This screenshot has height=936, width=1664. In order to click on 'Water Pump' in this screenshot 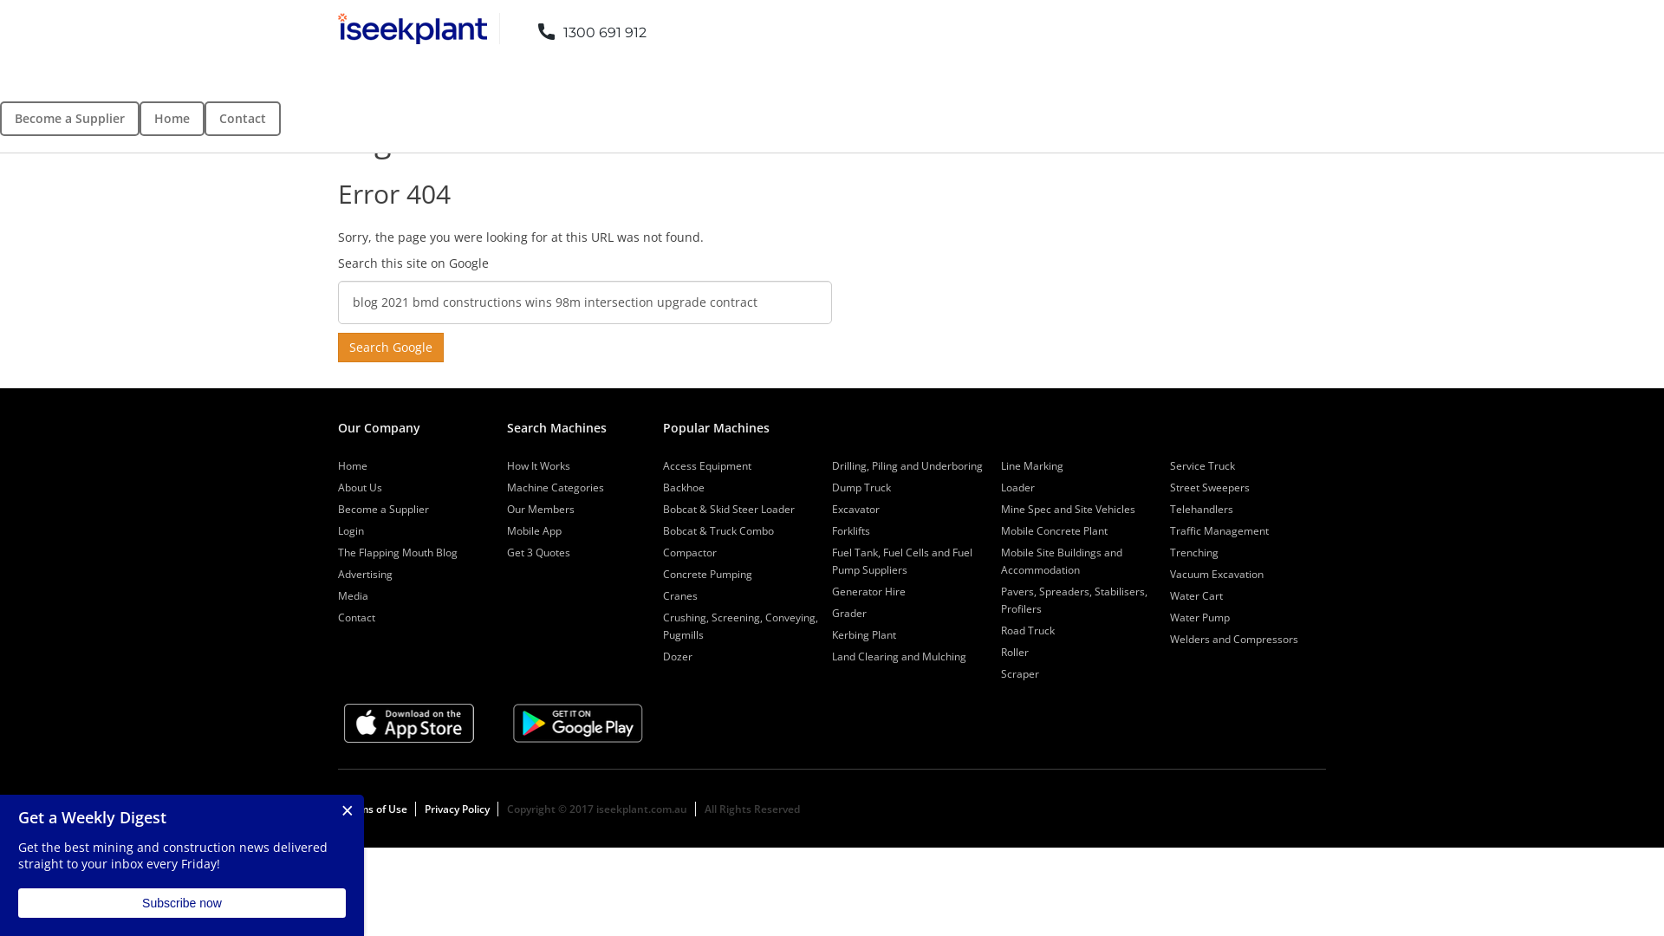, I will do `click(1199, 616)`.